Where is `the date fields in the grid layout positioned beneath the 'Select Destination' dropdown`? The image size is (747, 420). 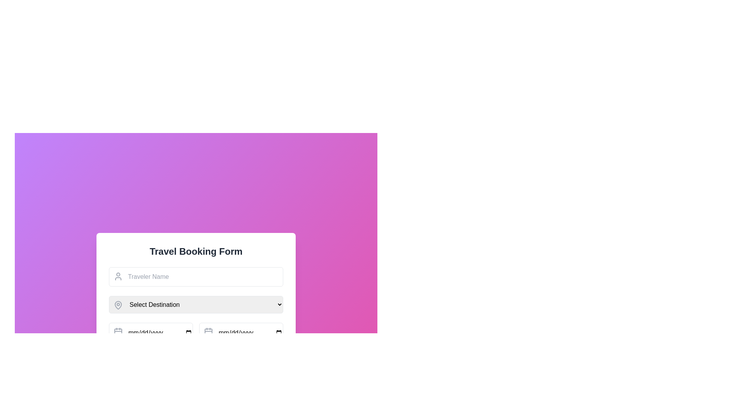 the date fields in the grid layout positioned beneath the 'Select Destination' dropdown is located at coordinates (196, 332).